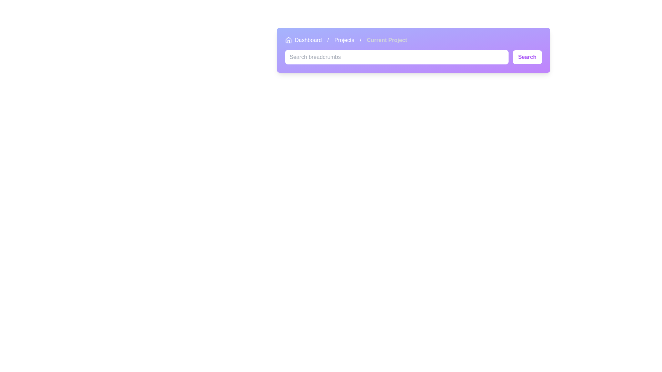  Describe the element at coordinates (344, 40) in the screenshot. I see `the 'Projects' hyperlink text element, which is styled in white and positioned in a breadcrumb navigation bar between 'Dashboard' and 'Current Project'` at that location.